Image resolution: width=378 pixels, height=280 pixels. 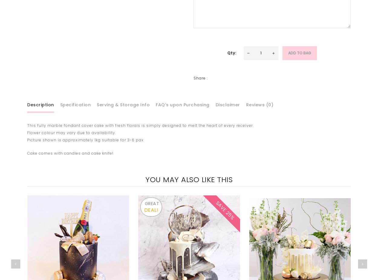 What do you see at coordinates (145, 179) in the screenshot?
I see `'You May Also Like This'` at bounding box center [145, 179].